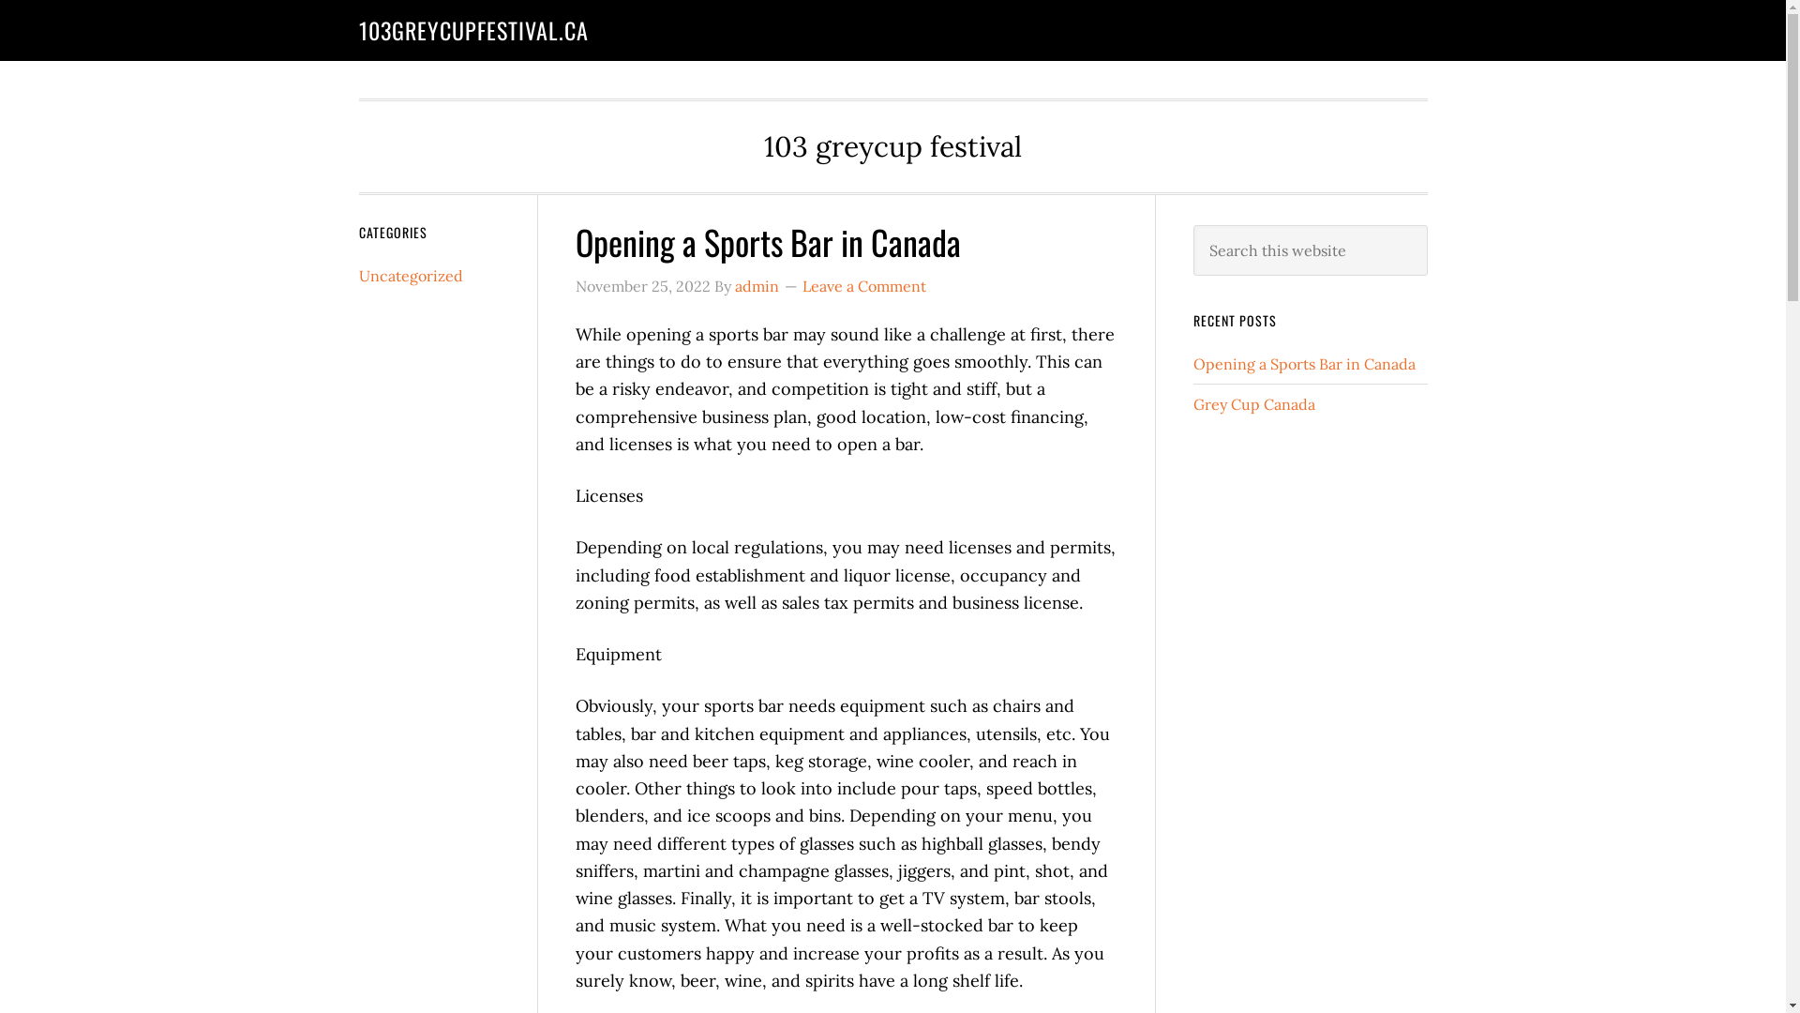  Describe the element at coordinates (1302, 364) in the screenshot. I see `'Opening a Sports Bar in Canada'` at that location.